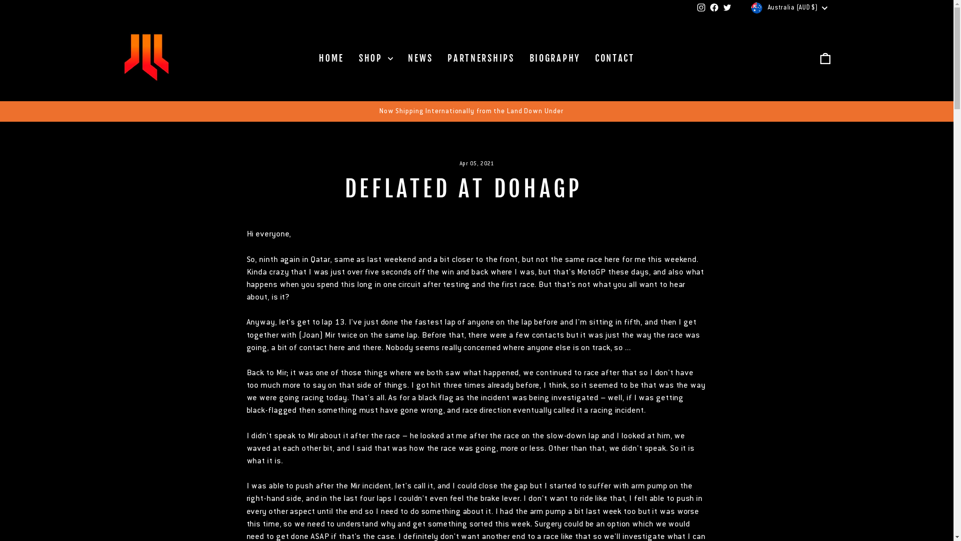 The width and height of the screenshot is (961, 541). I want to click on 'HOME', so click(331, 59).